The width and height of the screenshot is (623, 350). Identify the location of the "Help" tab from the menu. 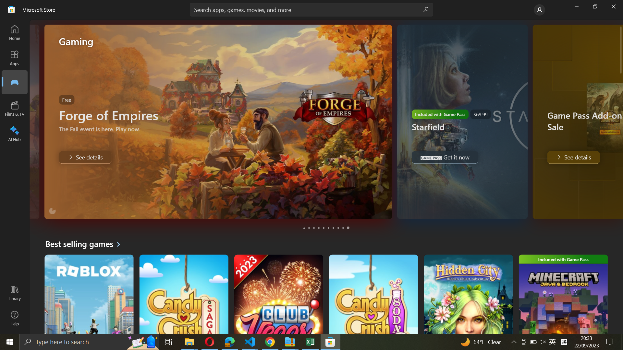
(14, 318).